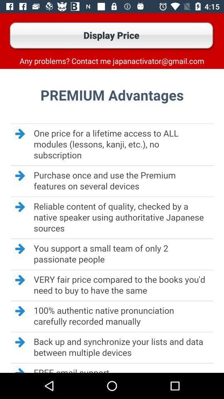  I want to click on advantage page, so click(112, 220).